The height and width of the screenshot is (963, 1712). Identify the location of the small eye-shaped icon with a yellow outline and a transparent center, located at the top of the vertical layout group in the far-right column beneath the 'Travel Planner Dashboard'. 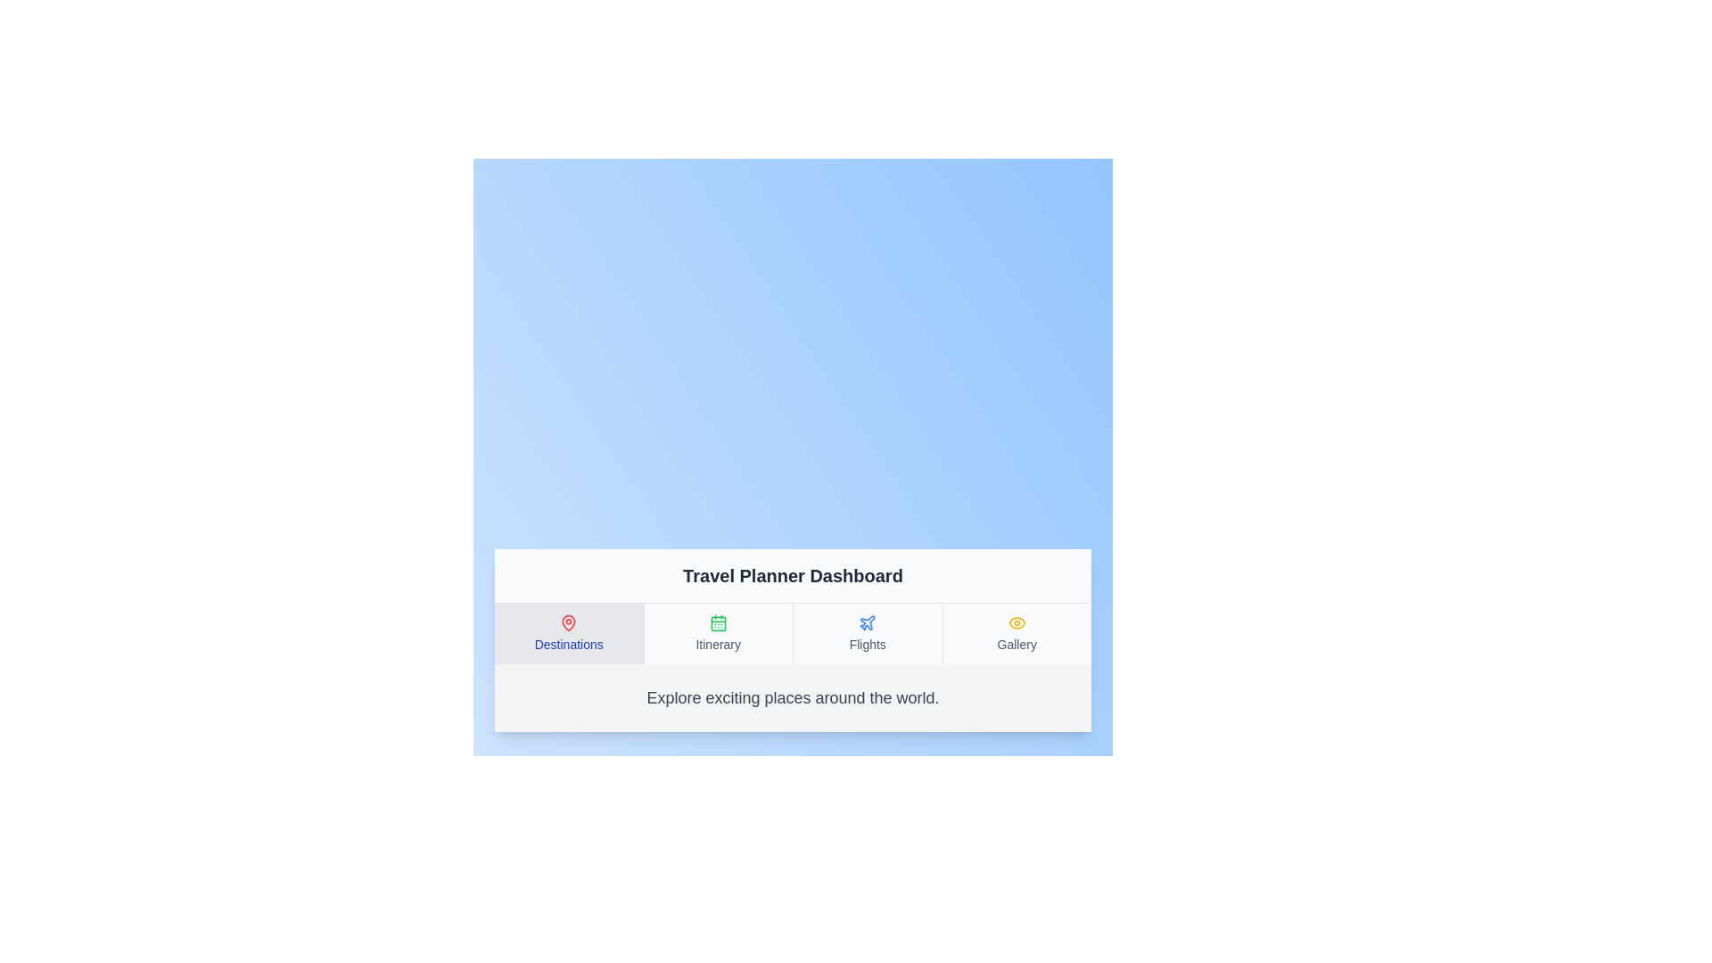
(1017, 621).